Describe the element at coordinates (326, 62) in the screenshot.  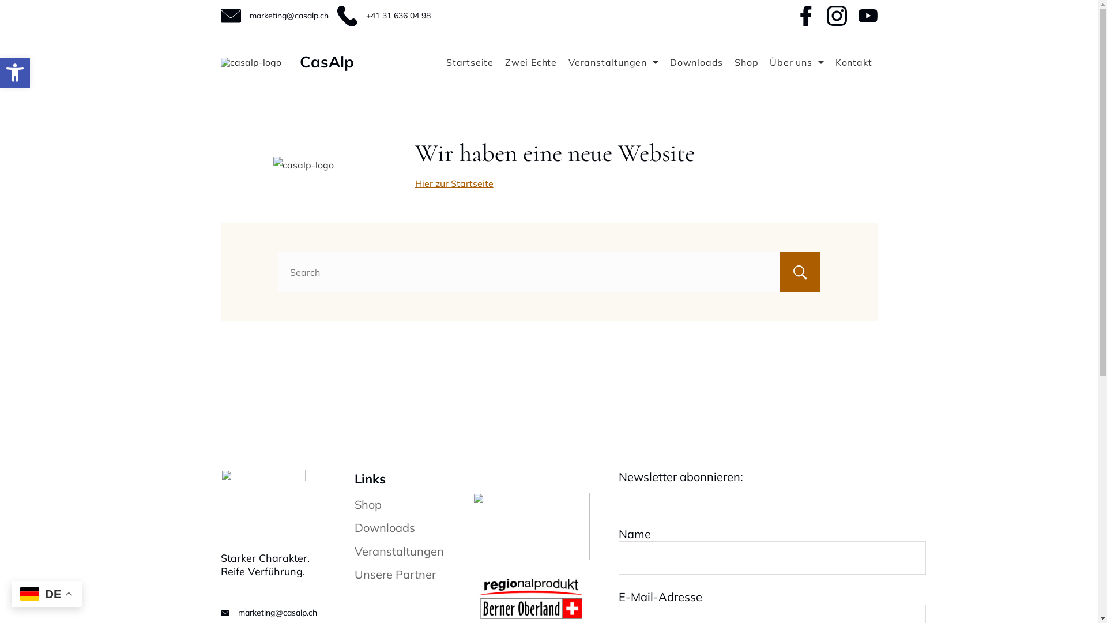
I see `'CasAlp'` at that location.